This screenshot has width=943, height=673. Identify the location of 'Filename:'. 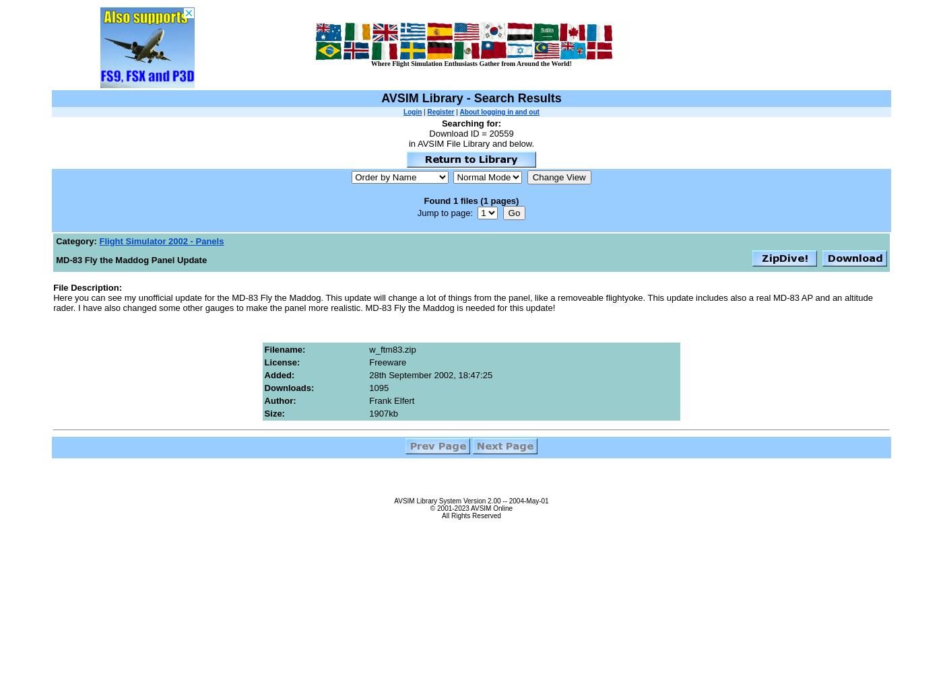
(284, 349).